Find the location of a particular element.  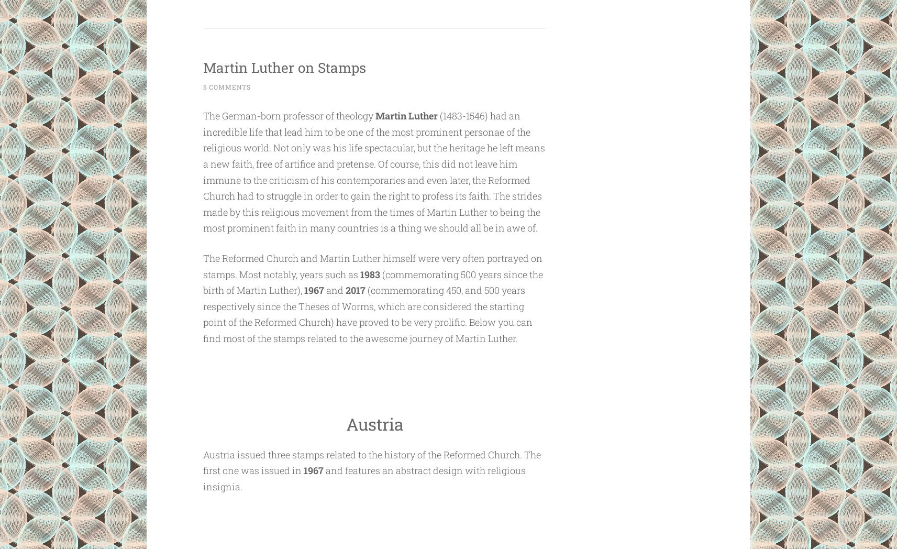

'Austria issued three stamps related to the history of the Reformed Church. The first one was issued in' is located at coordinates (371, 462).